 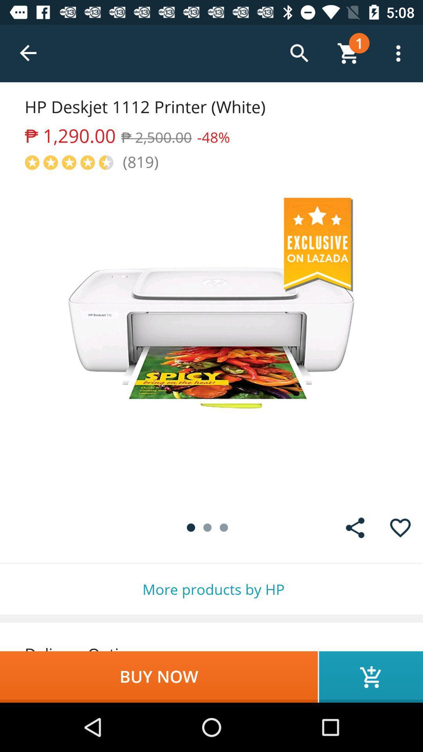 I want to click on the share icon, so click(x=355, y=528).